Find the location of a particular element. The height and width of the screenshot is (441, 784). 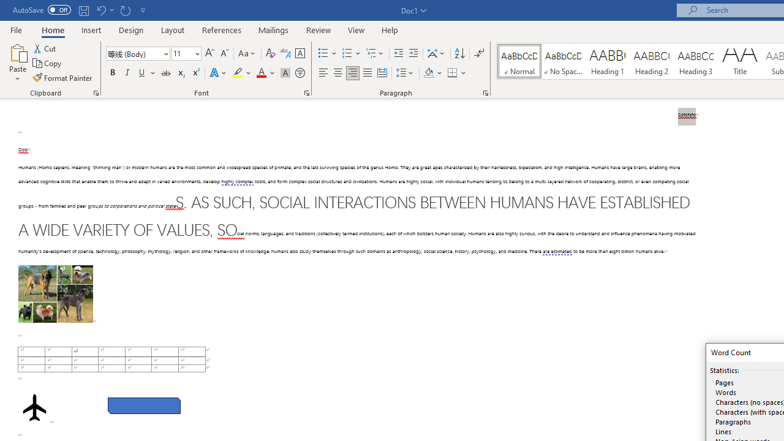

'Heading 3' is located at coordinates (696, 61).